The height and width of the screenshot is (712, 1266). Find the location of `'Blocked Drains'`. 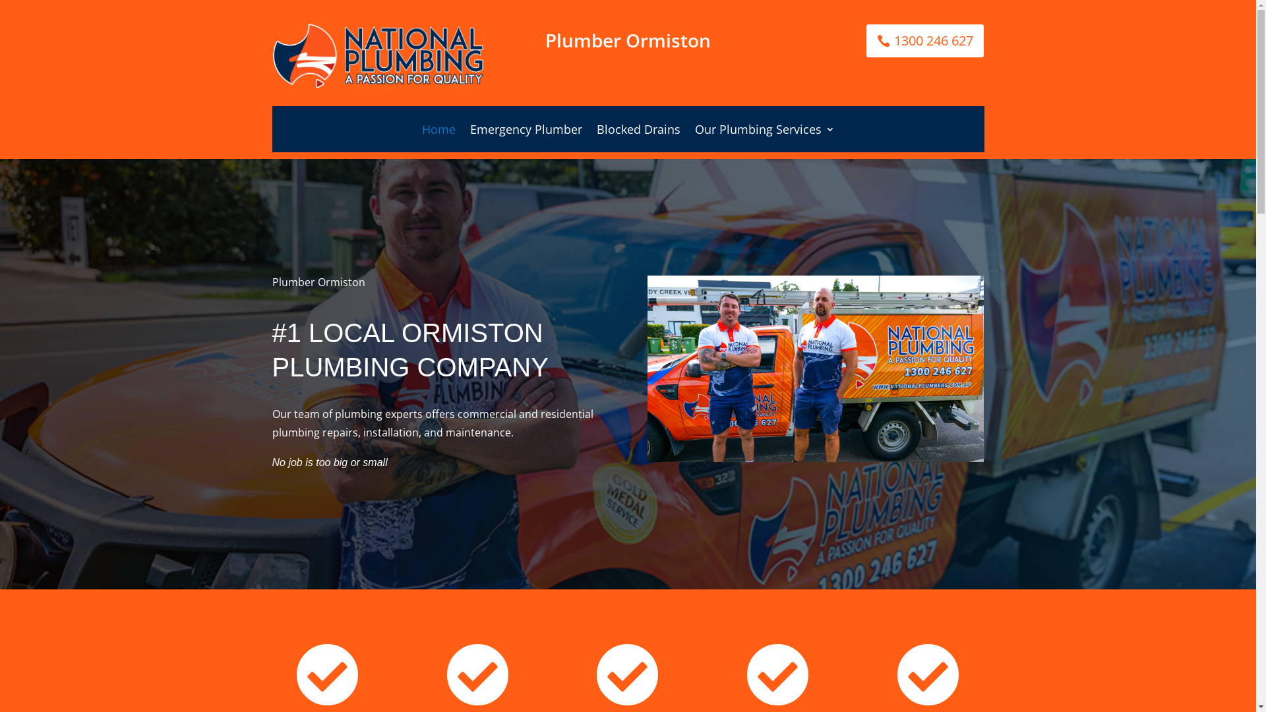

'Blocked Drains' is located at coordinates (595, 132).